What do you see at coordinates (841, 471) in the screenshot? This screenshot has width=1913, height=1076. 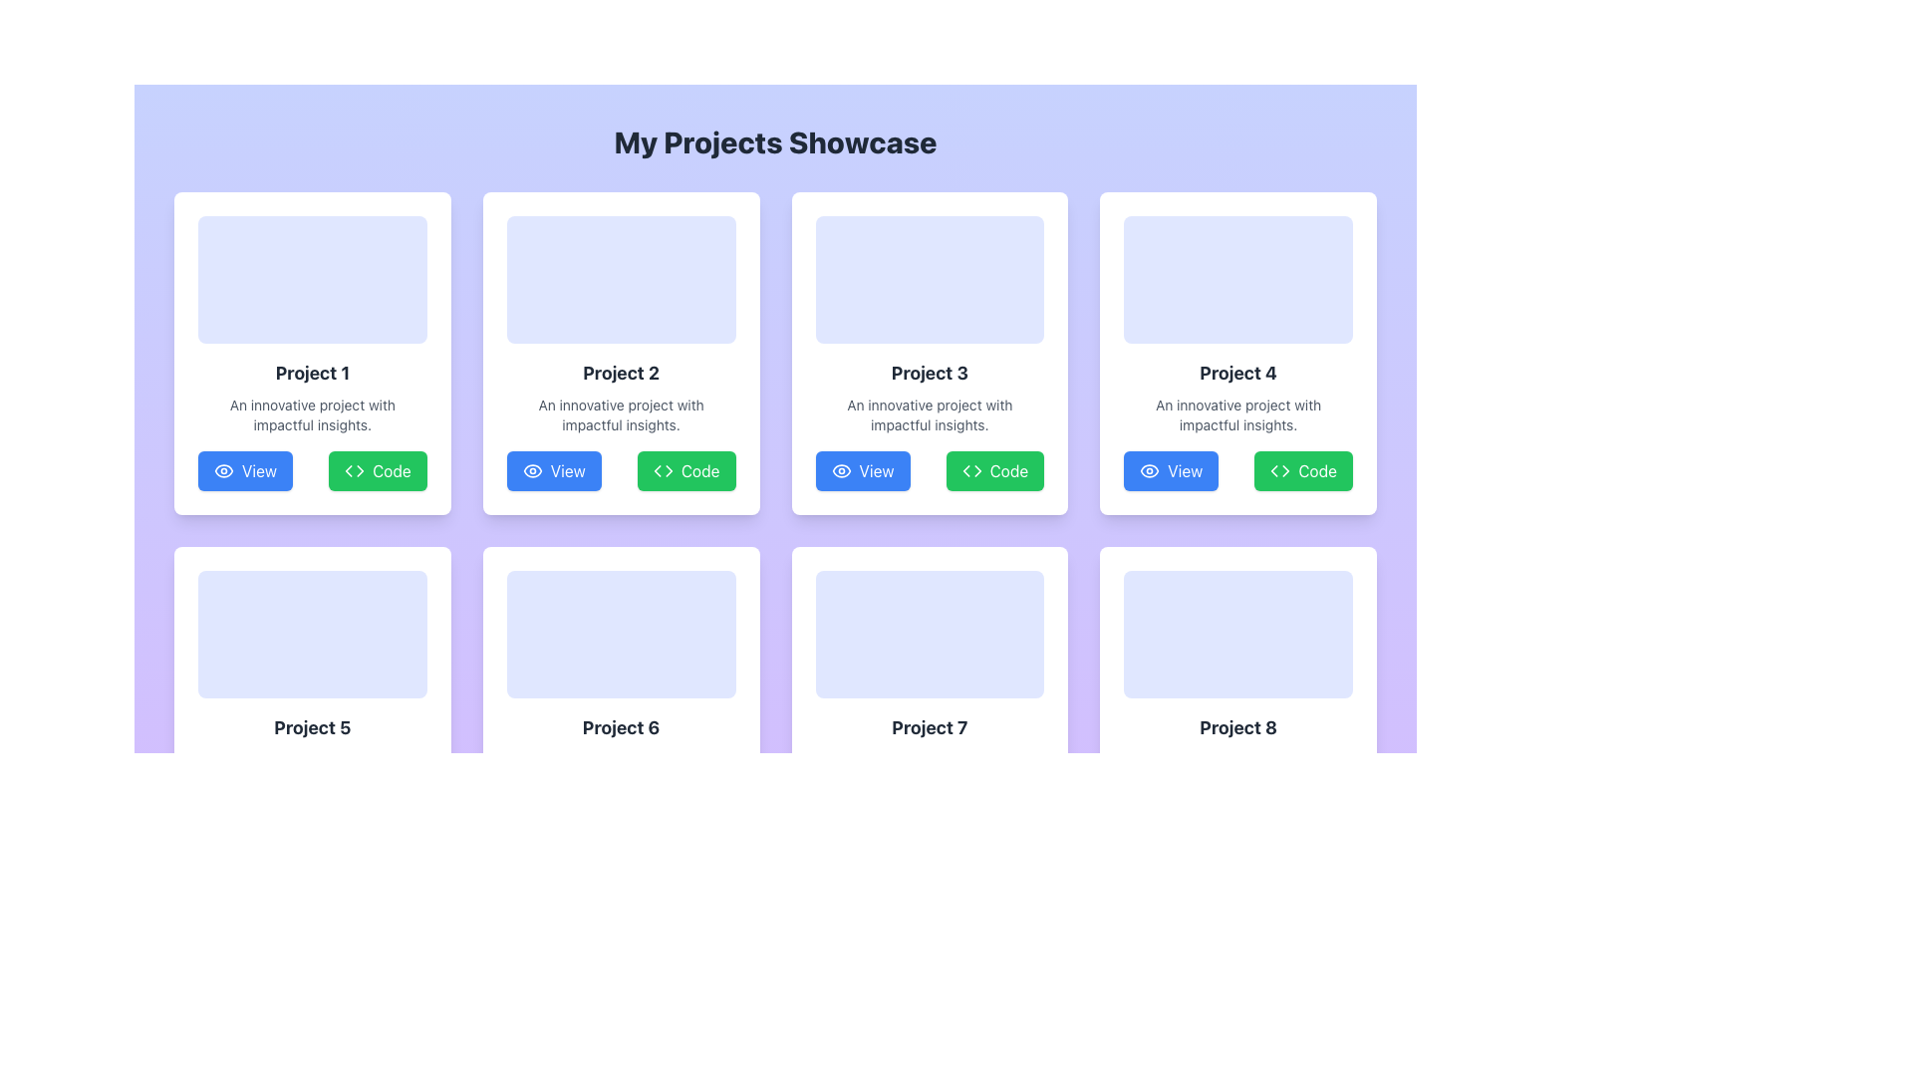 I see `the eye icon button labeled 'View' in the card titled 'Project 3' located in the third column of the first row of the grid layout` at bounding box center [841, 471].